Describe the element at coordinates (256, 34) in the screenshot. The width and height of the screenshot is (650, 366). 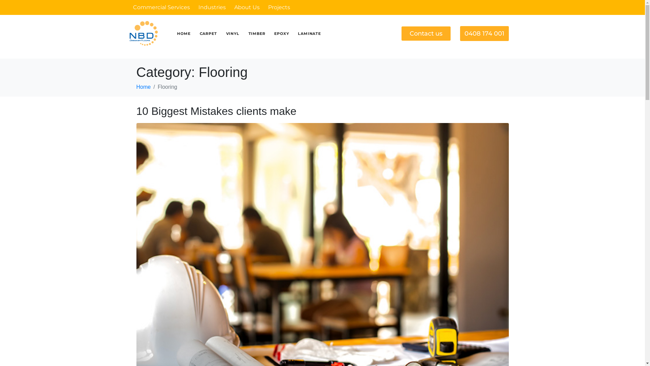
I see `'TIMBER'` at that location.